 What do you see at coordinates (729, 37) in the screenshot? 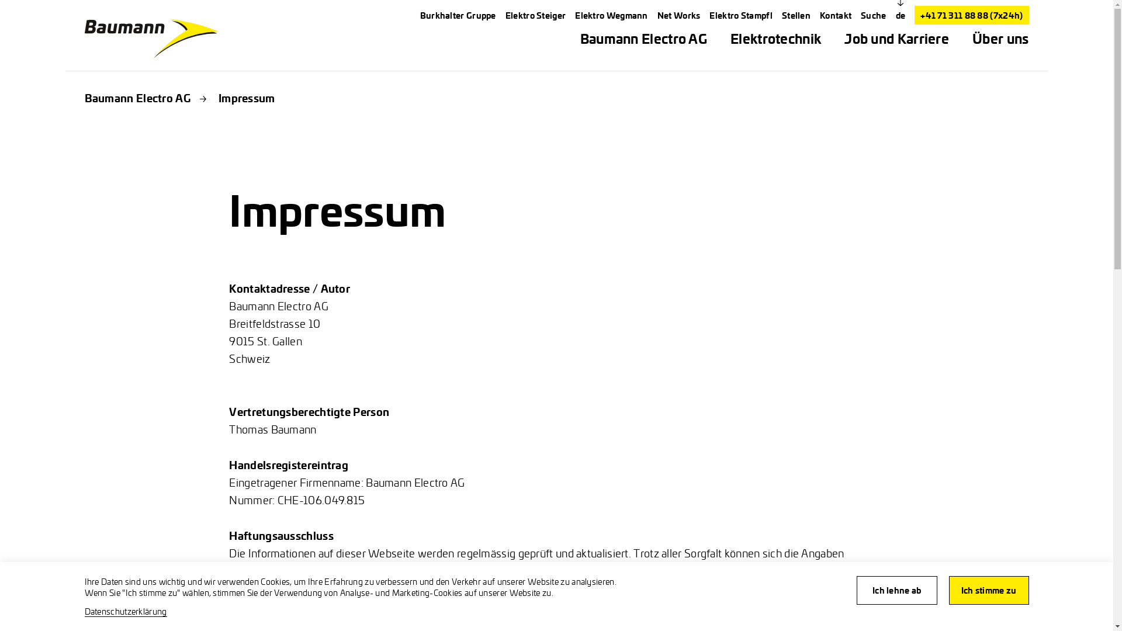
I see `'Elektrotechnik'` at bounding box center [729, 37].